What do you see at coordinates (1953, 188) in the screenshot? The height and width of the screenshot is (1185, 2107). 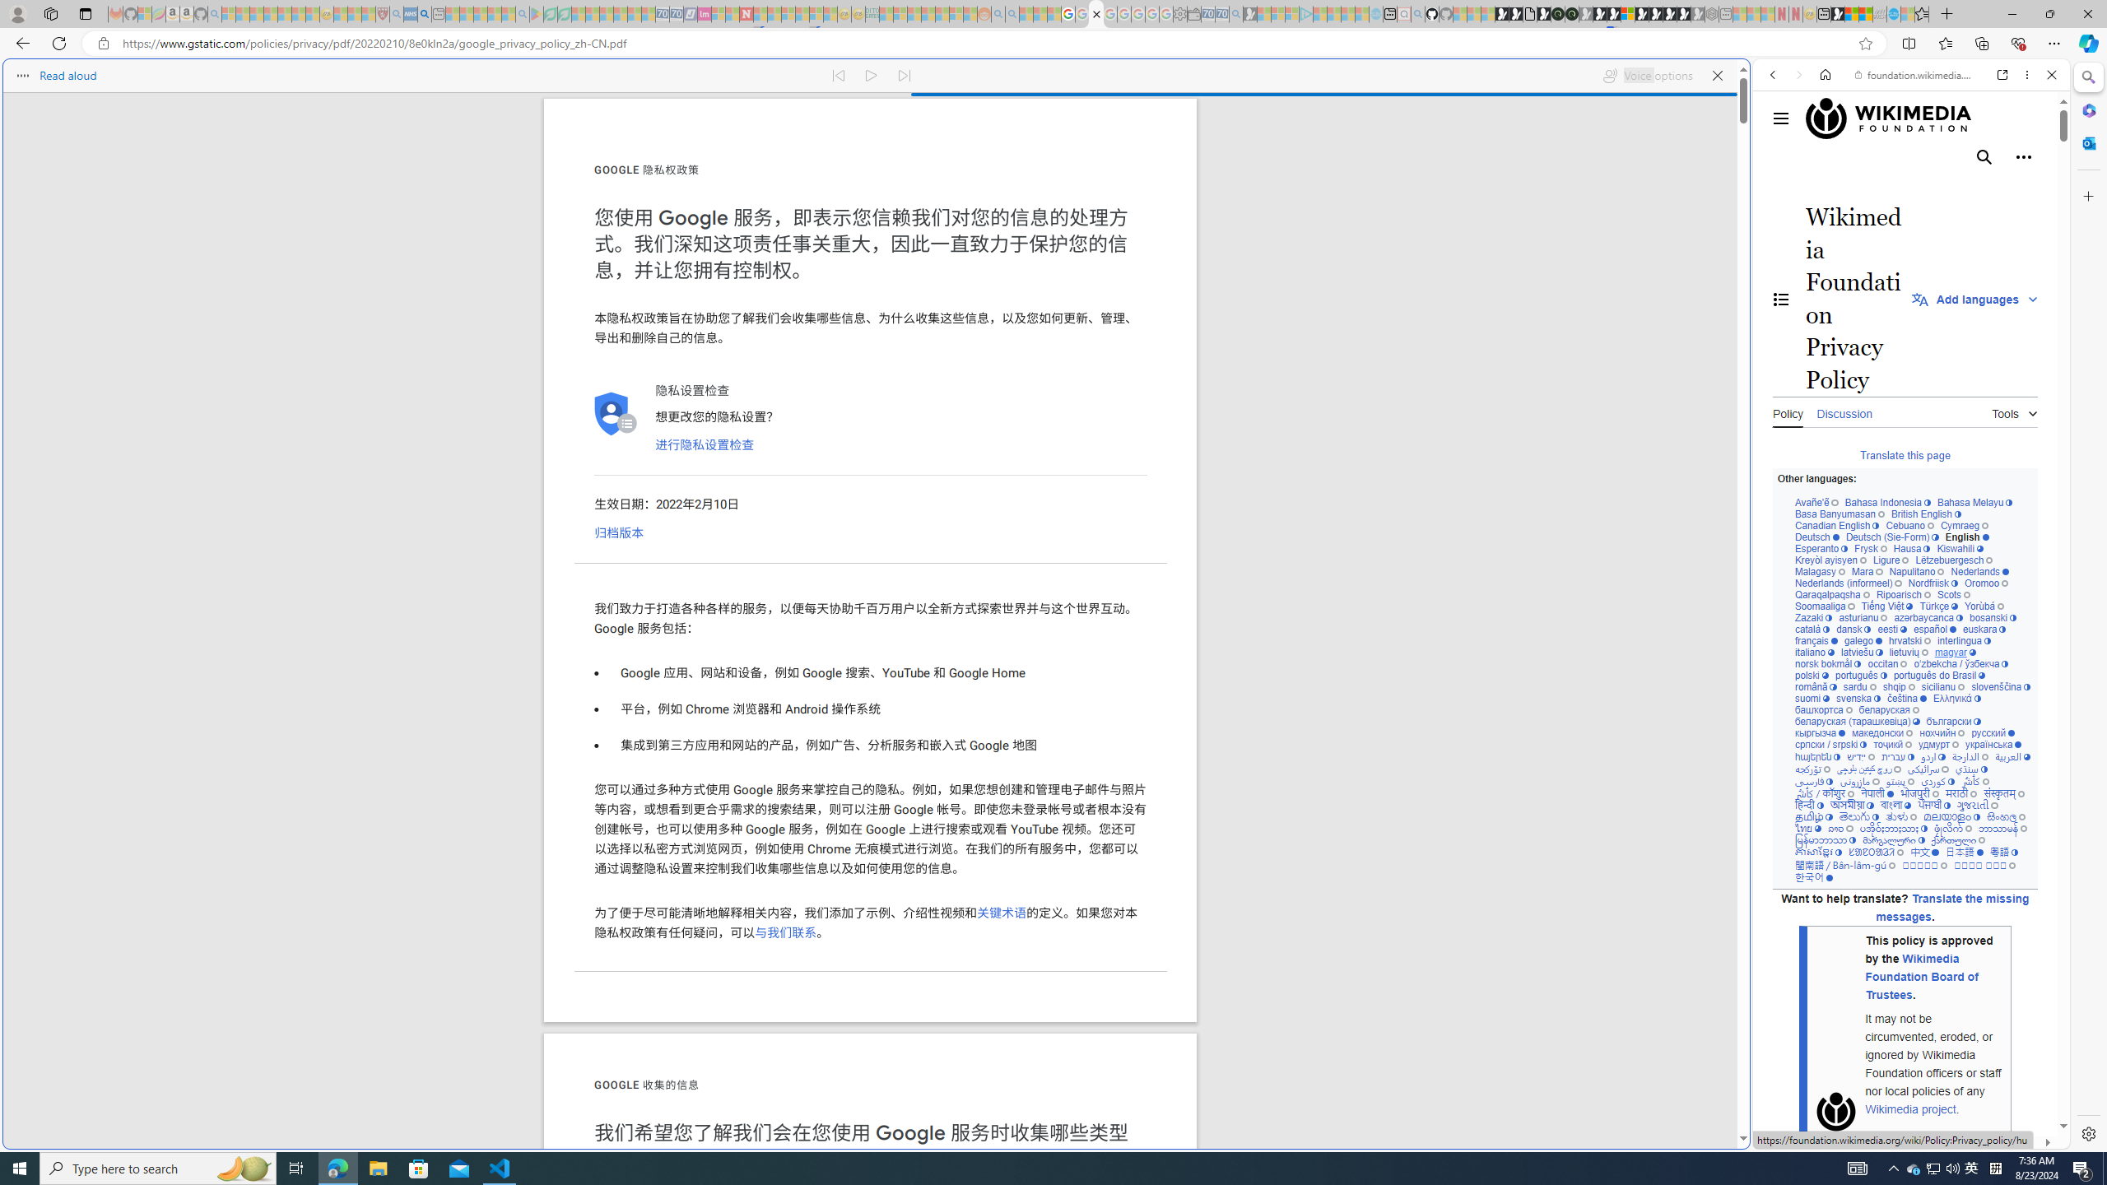 I see `'SEARCH TOOLS'` at bounding box center [1953, 188].